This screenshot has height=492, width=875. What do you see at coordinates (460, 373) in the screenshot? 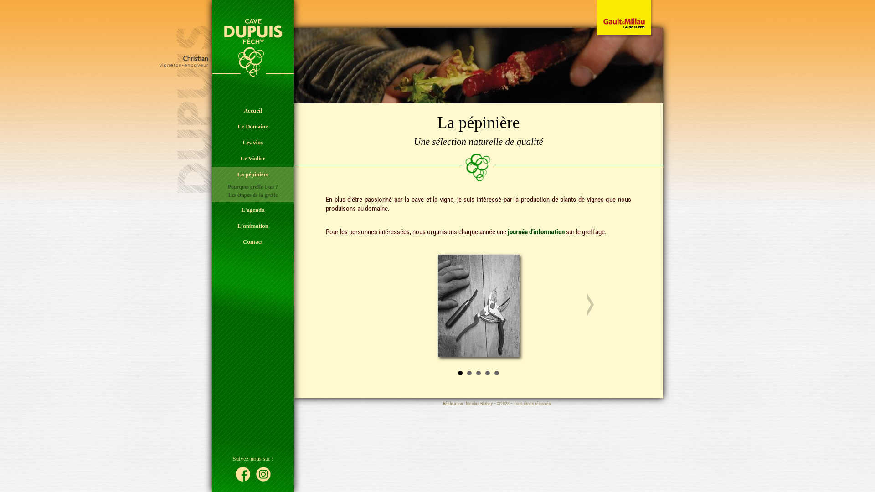
I see `'1'` at bounding box center [460, 373].